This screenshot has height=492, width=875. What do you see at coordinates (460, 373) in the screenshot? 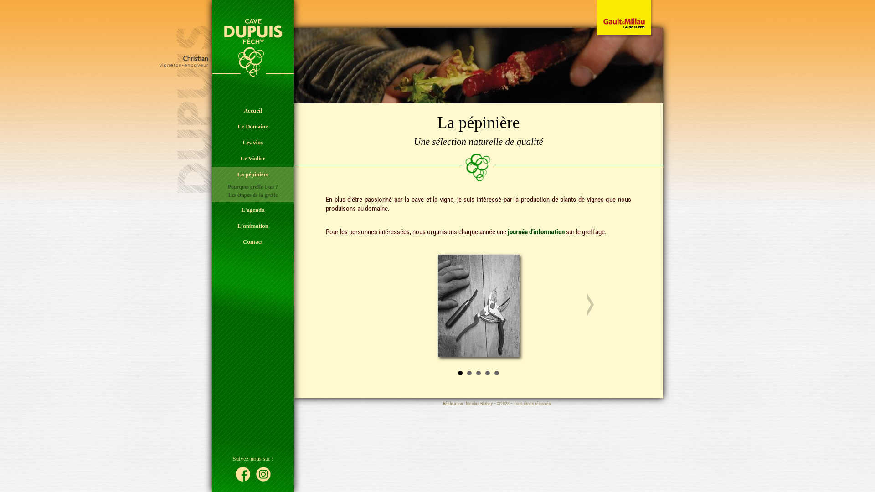
I see `'1'` at bounding box center [460, 373].